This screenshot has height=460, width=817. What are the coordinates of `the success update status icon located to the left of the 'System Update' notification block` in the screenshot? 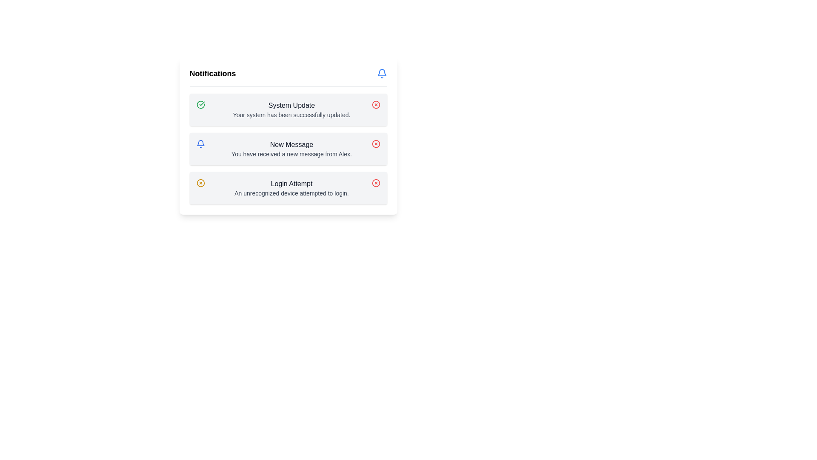 It's located at (200, 104).